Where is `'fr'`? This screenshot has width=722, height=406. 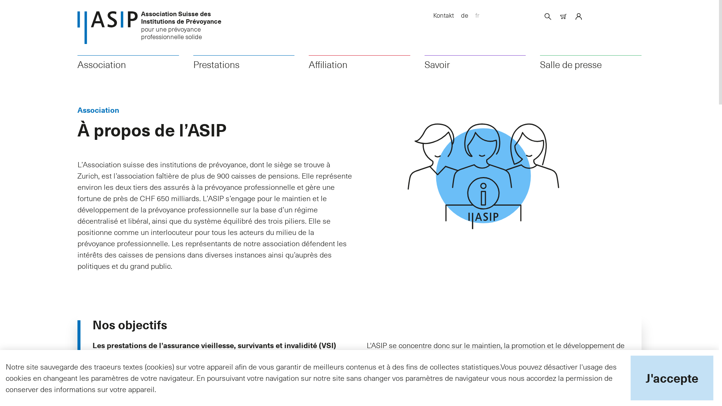 'fr' is located at coordinates (477, 15).